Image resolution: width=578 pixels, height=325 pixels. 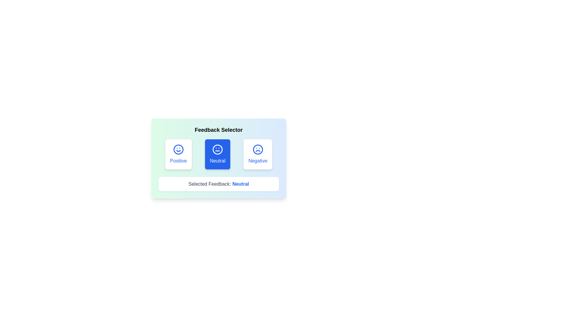 What do you see at coordinates (258, 154) in the screenshot?
I see `the button labeled Negative to observe its hover effect` at bounding box center [258, 154].